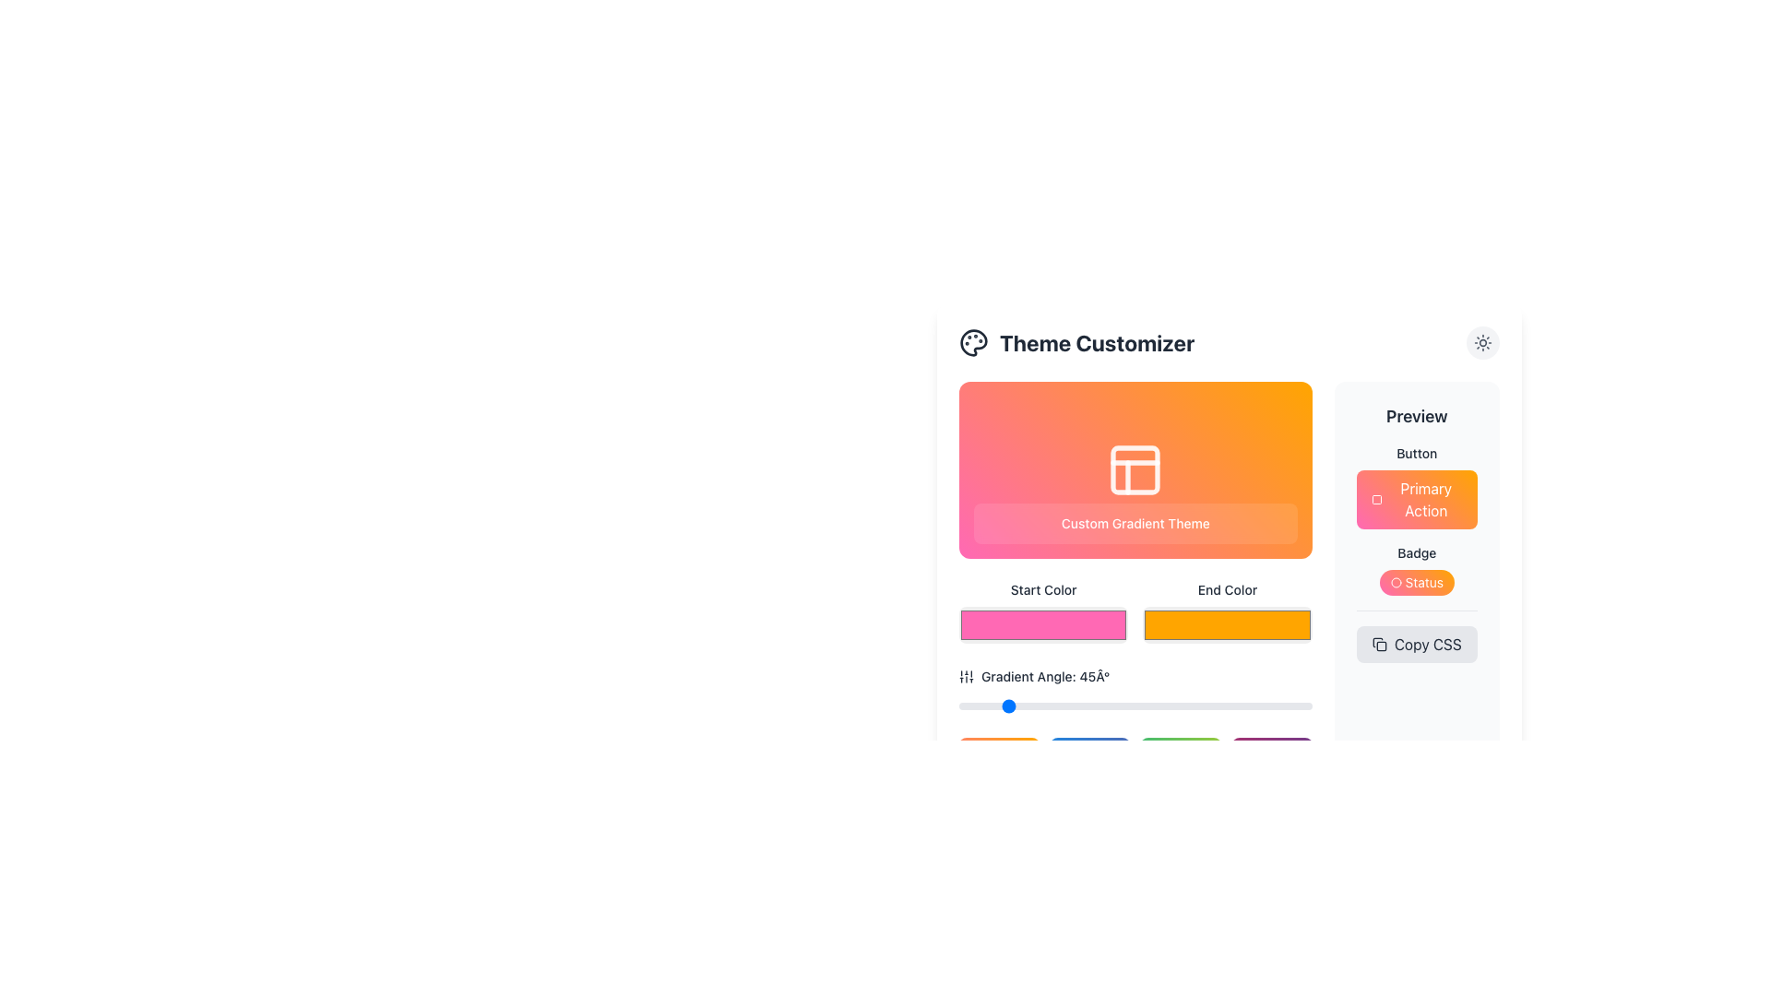  I want to click on the theme toggle button located at the top-right corner of the interface within the 'Theme Customizer' header bar, so click(1483, 342).